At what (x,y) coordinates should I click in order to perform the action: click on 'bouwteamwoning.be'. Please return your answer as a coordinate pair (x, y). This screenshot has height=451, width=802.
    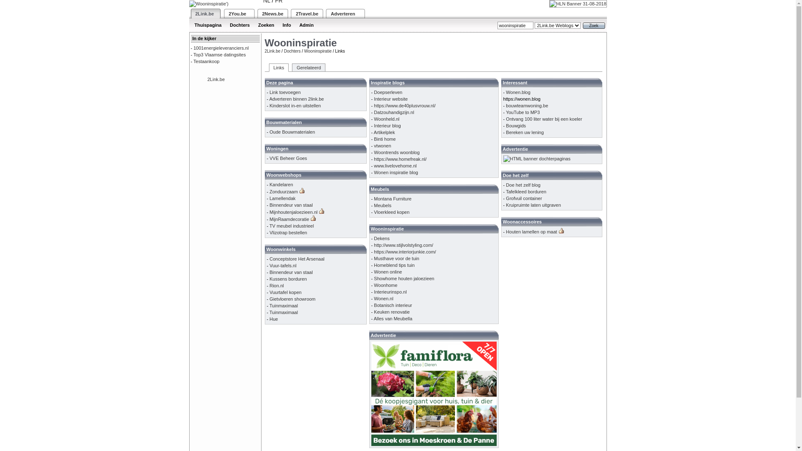
    Looking at the image, I should click on (526, 105).